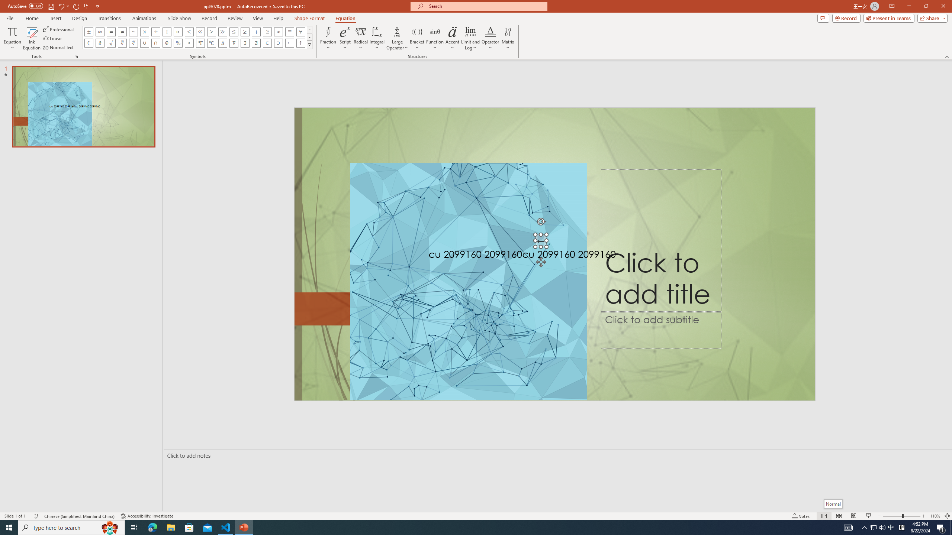 Image resolution: width=952 pixels, height=535 pixels. Describe the element at coordinates (470, 38) in the screenshot. I see `'Limit and Log'` at that location.